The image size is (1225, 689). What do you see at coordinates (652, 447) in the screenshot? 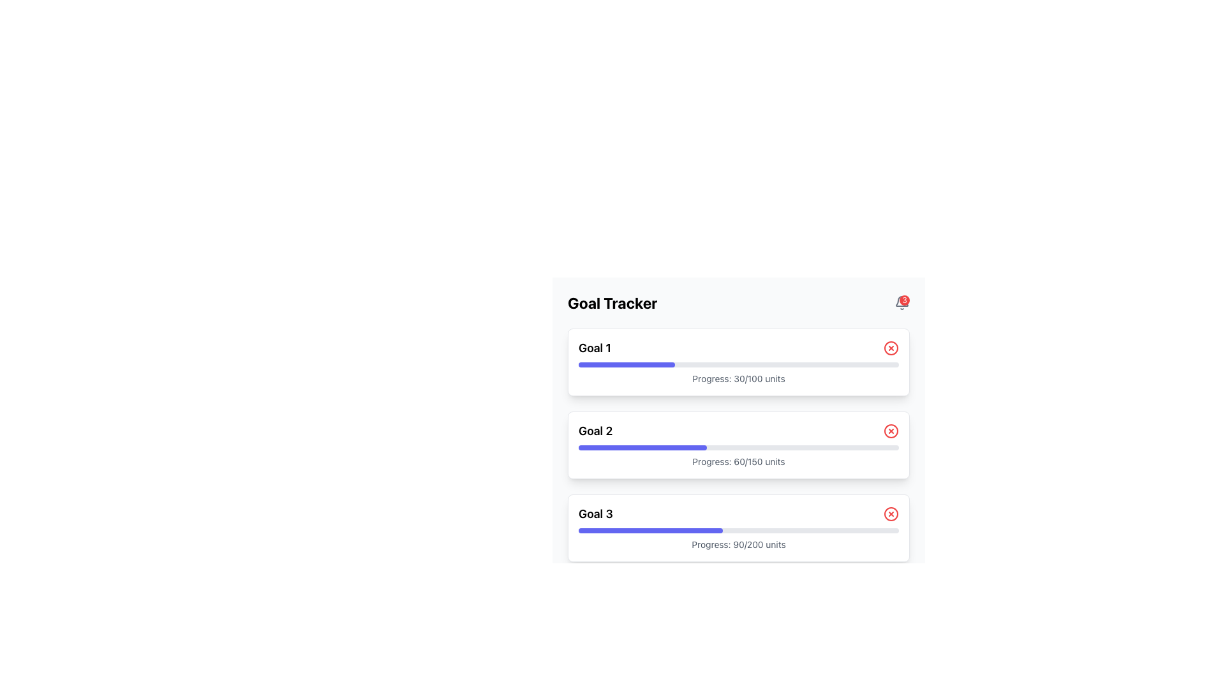
I see `the progress level` at bounding box center [652, 447].